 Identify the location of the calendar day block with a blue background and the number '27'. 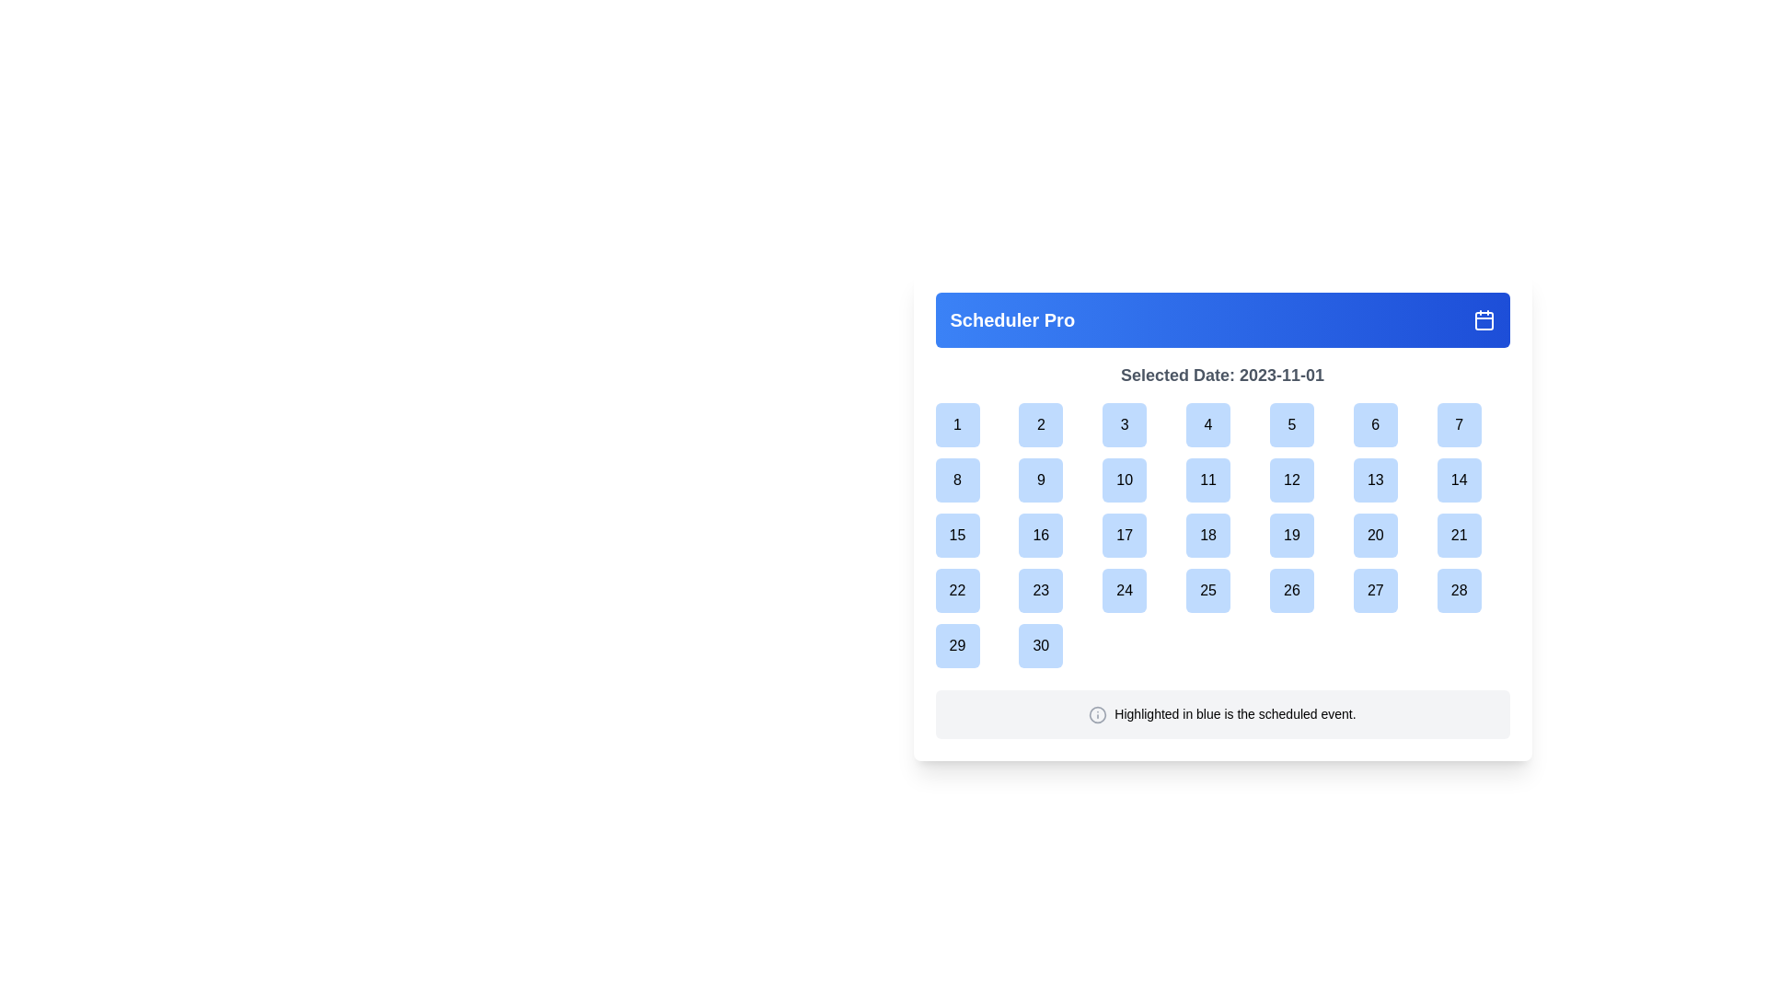
(1390, 590).